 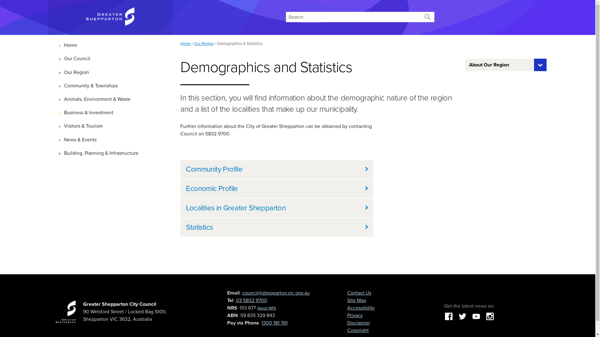 What do you see at coordinates (267, 308) in the screenshot?
I see `'About NRS'` at bounding box center [267, 308].